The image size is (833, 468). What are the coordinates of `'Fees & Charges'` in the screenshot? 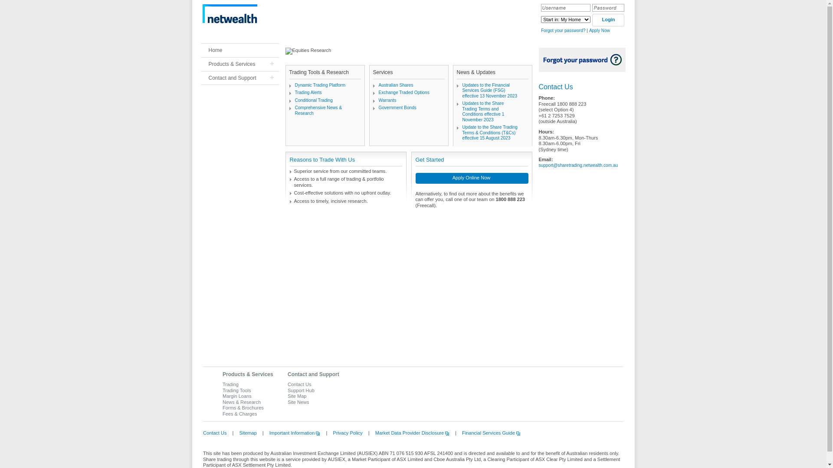 It's located at (239, 413).